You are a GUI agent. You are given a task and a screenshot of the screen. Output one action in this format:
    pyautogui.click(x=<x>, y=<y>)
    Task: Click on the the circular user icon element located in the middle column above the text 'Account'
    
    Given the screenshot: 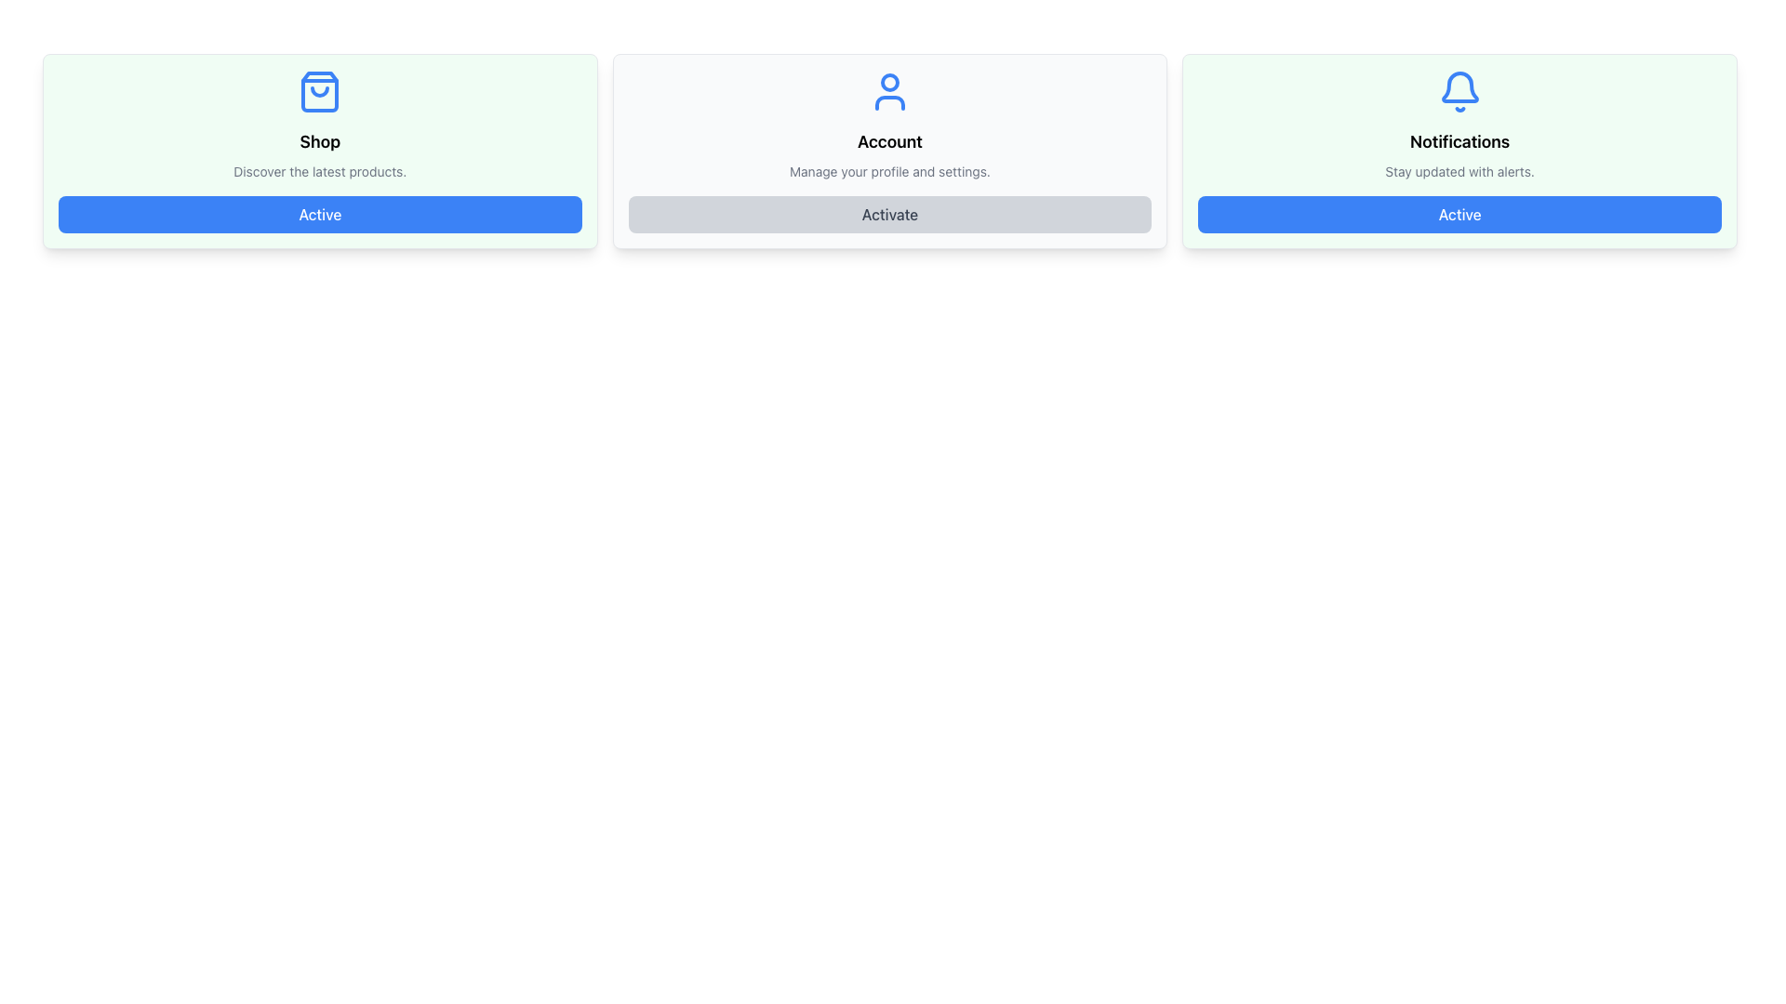 What is the action you would take?
    pyautogui.click(x=888, y=81)
    